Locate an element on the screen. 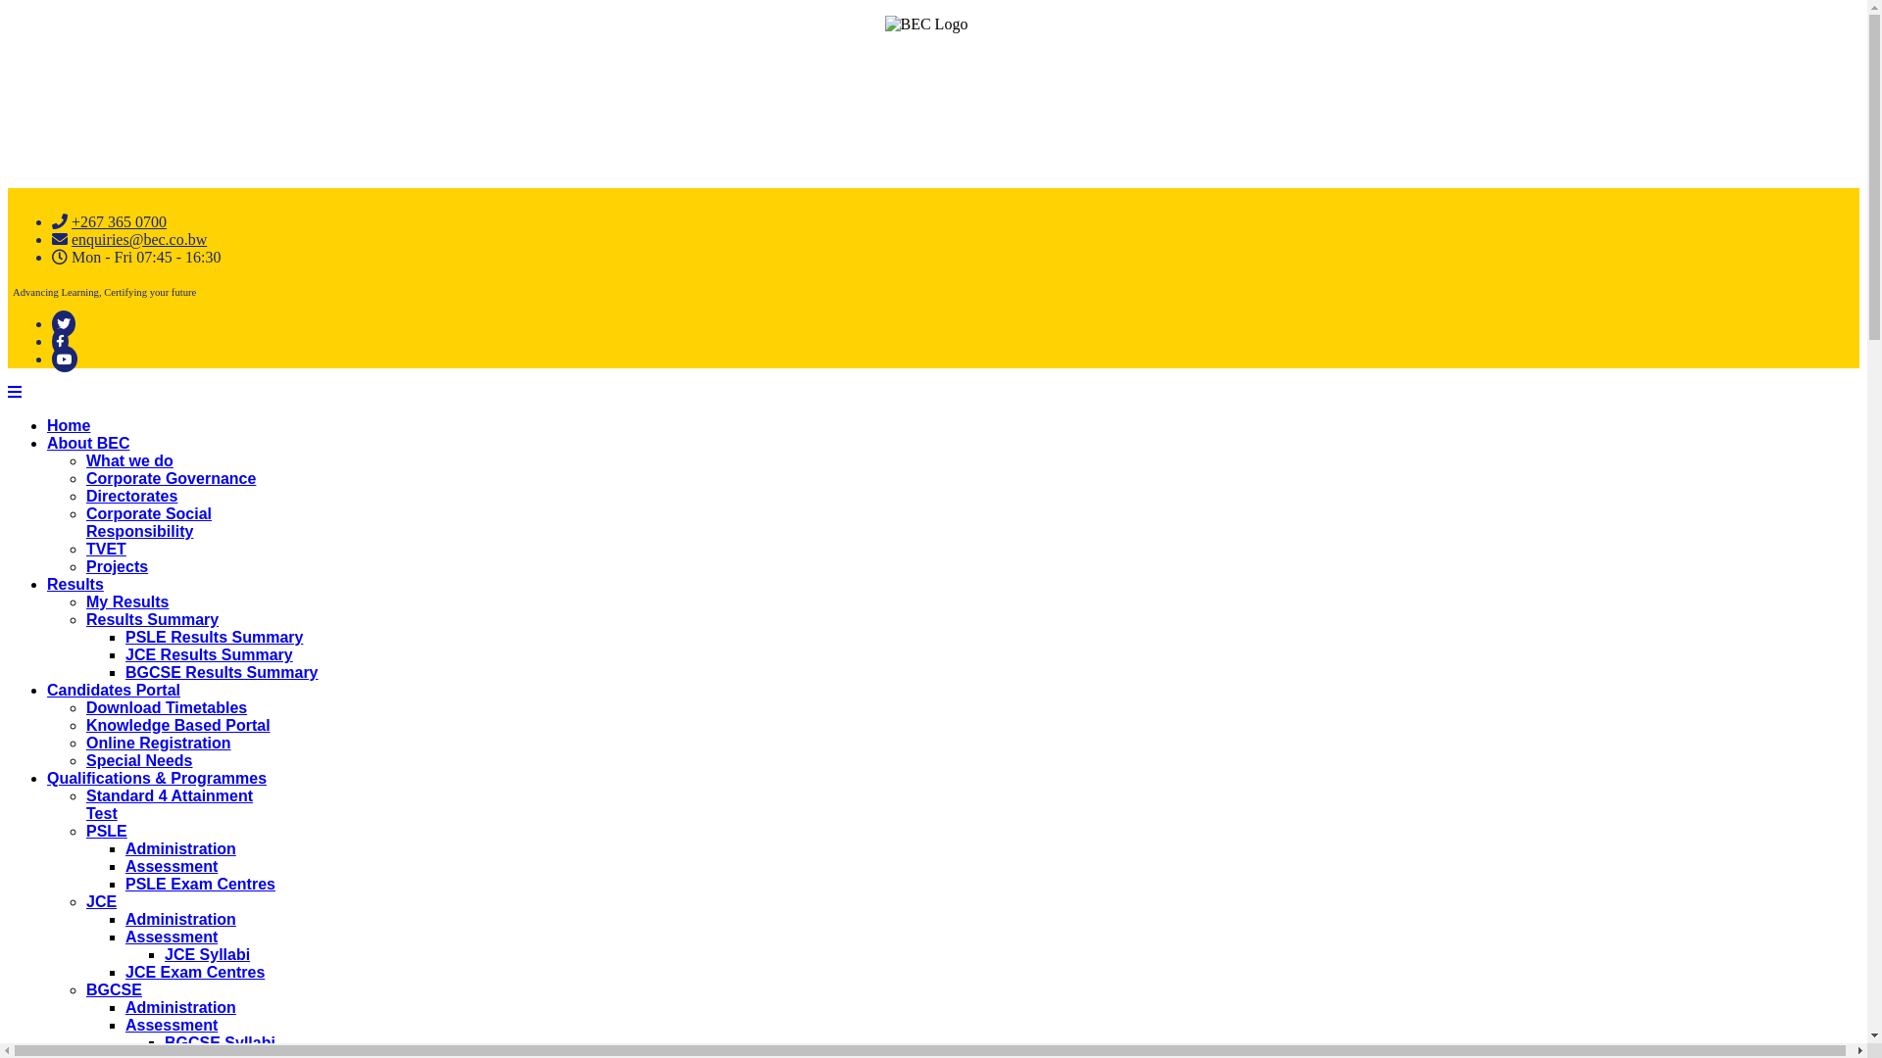 The width and height of the screenshot is (1882, 1058). 'PSLE' is located at coordinates (106, 831).